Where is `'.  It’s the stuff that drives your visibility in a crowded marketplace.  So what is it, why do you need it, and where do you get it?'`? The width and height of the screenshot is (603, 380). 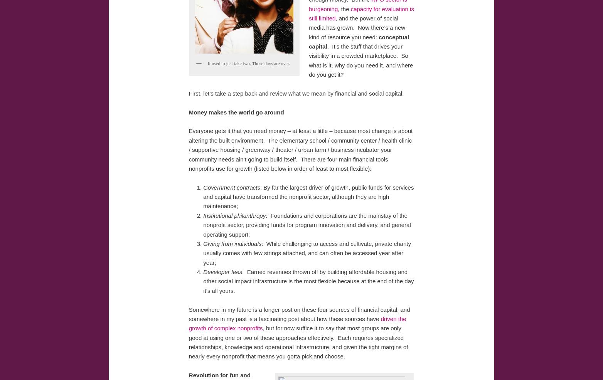
'.  It’s the stuff that drives your visibility in a crowded marketplace.  So what is it, why do you need it, and where do you get it?' is located at coordinates (361, 60).